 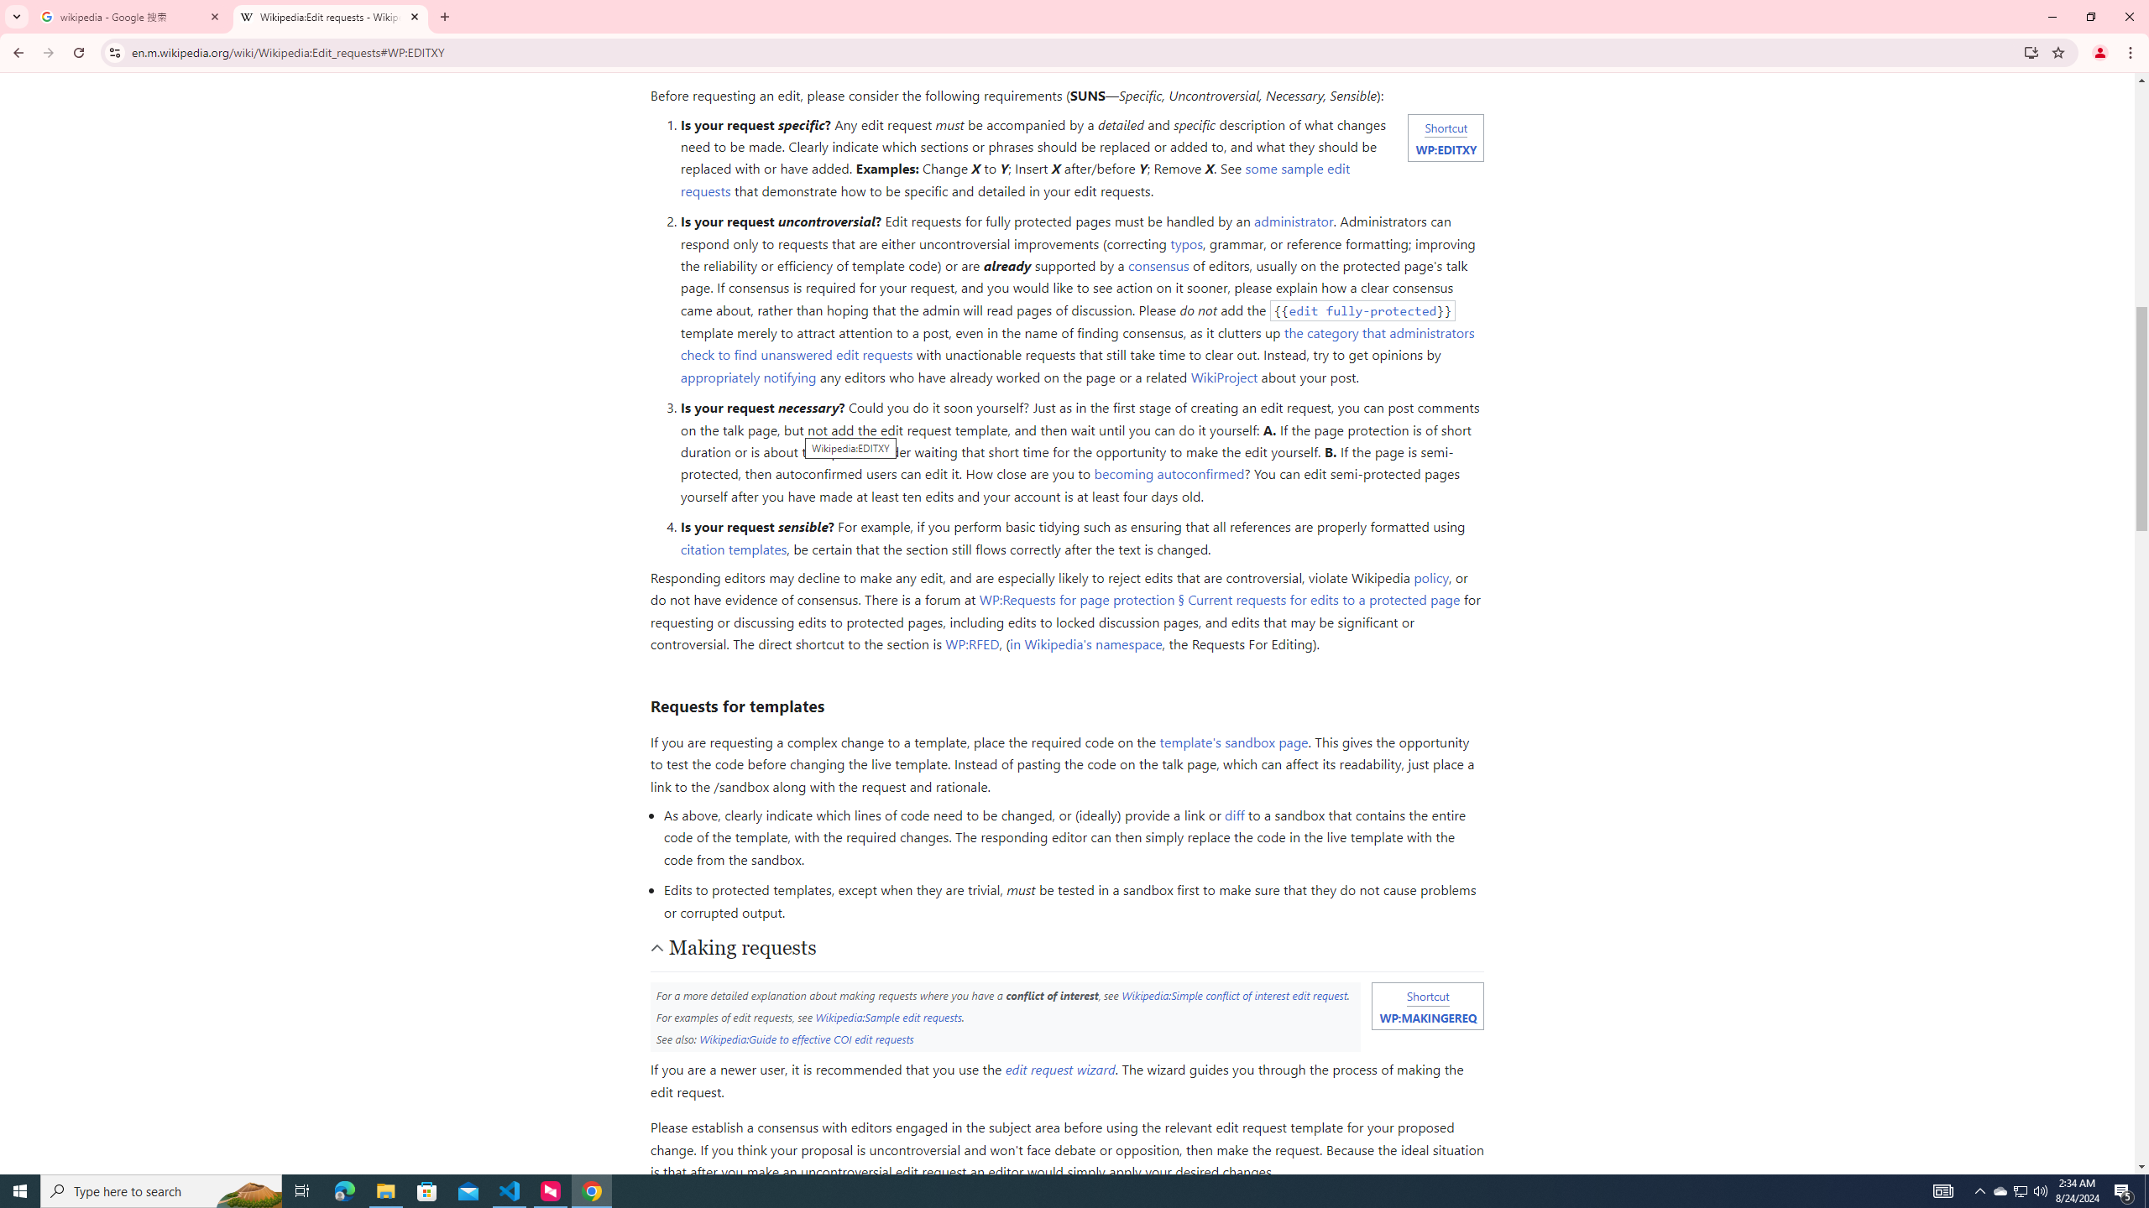 What do you see at coordinates (1294, 221) in the screenshot?
I see `'administrator'` at bounding box center [1294, 221].